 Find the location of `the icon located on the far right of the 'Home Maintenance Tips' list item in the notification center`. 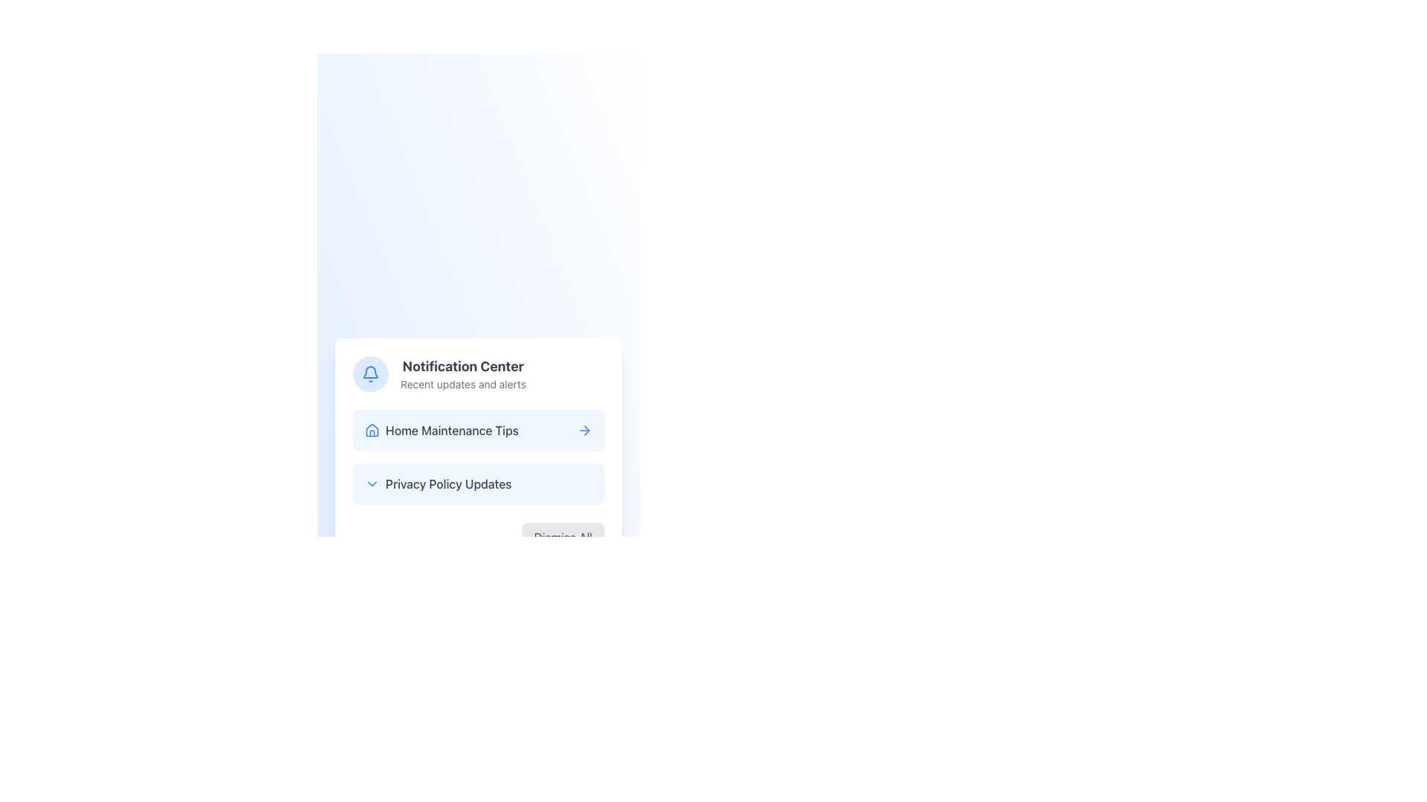

the icon located on the far right of the 'Home Maintenance Tips' list item in the notification center is located at coordinates (584, 430).